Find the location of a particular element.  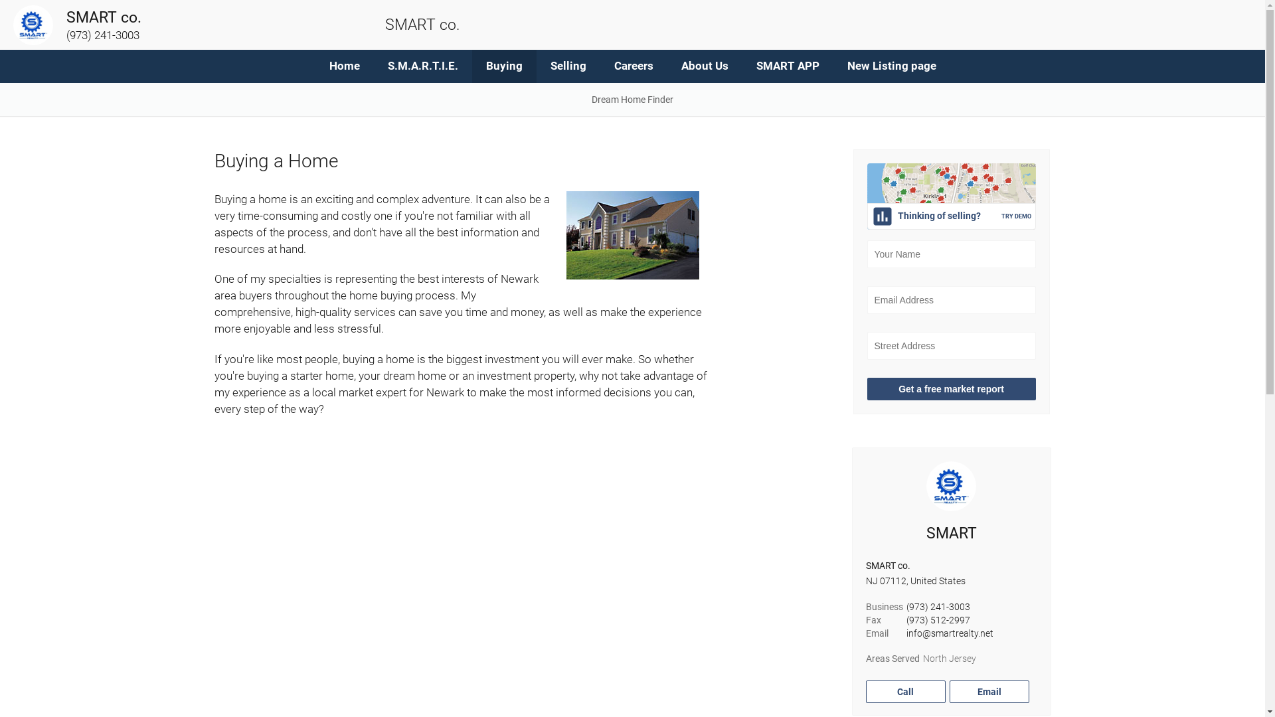

'Home' is located at coordinates (344, 66).